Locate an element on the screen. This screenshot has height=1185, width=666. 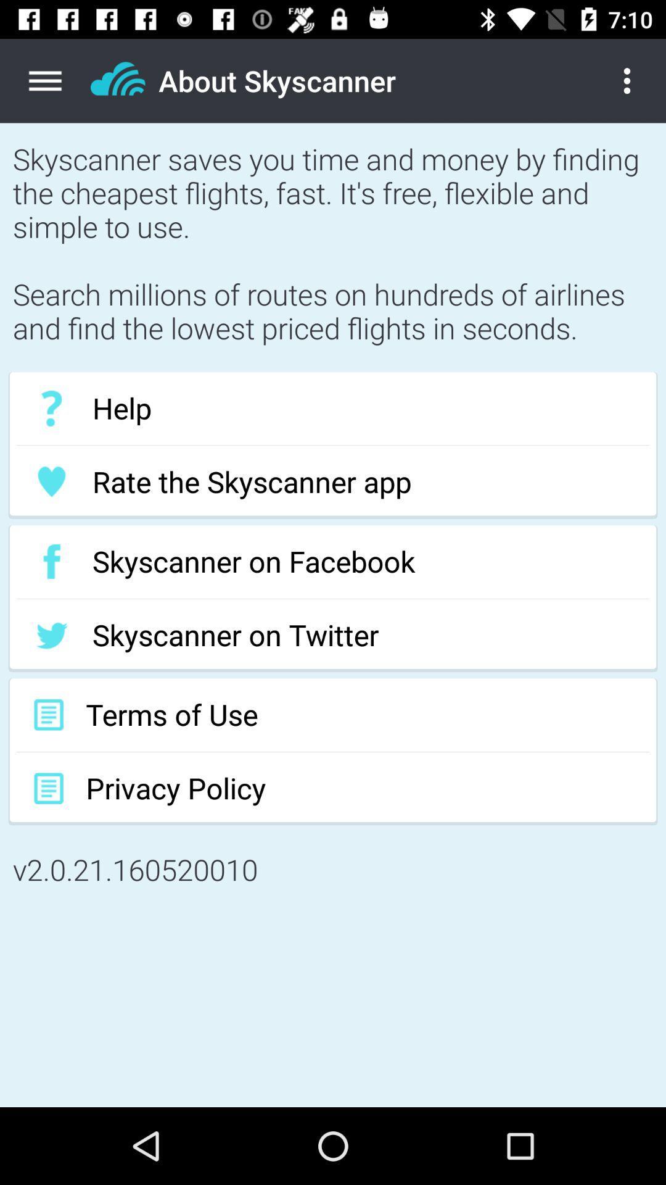
the help is located at coordinates (333, 409).